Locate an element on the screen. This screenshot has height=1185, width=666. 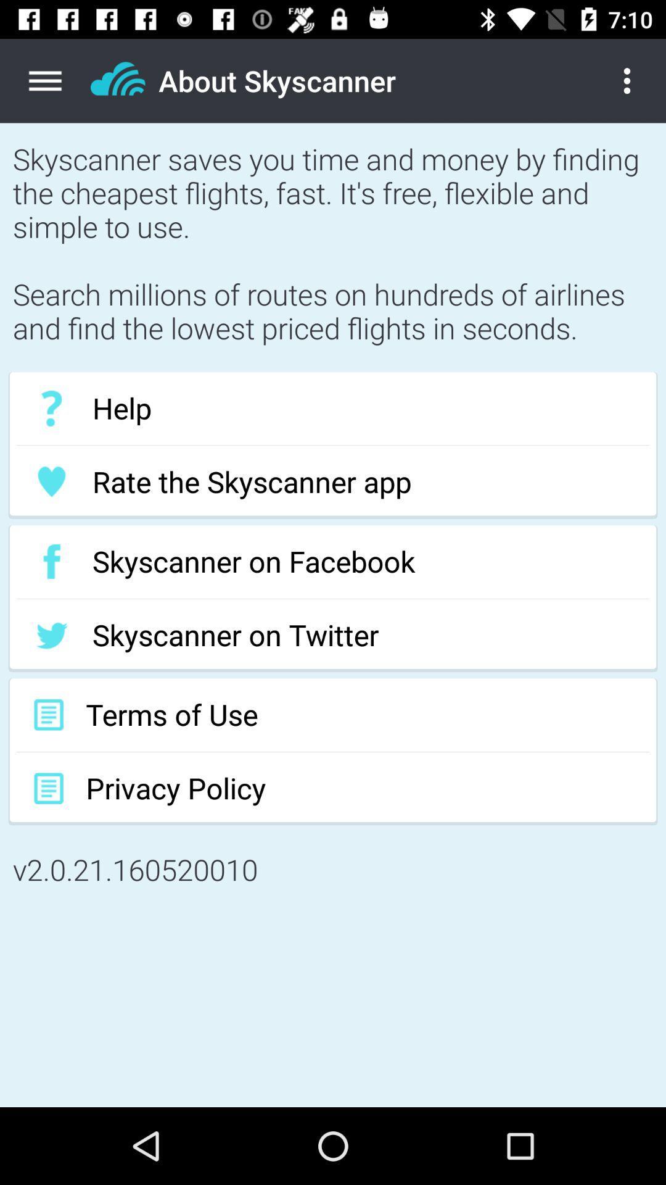
the help is located at coordinates (333, 409).